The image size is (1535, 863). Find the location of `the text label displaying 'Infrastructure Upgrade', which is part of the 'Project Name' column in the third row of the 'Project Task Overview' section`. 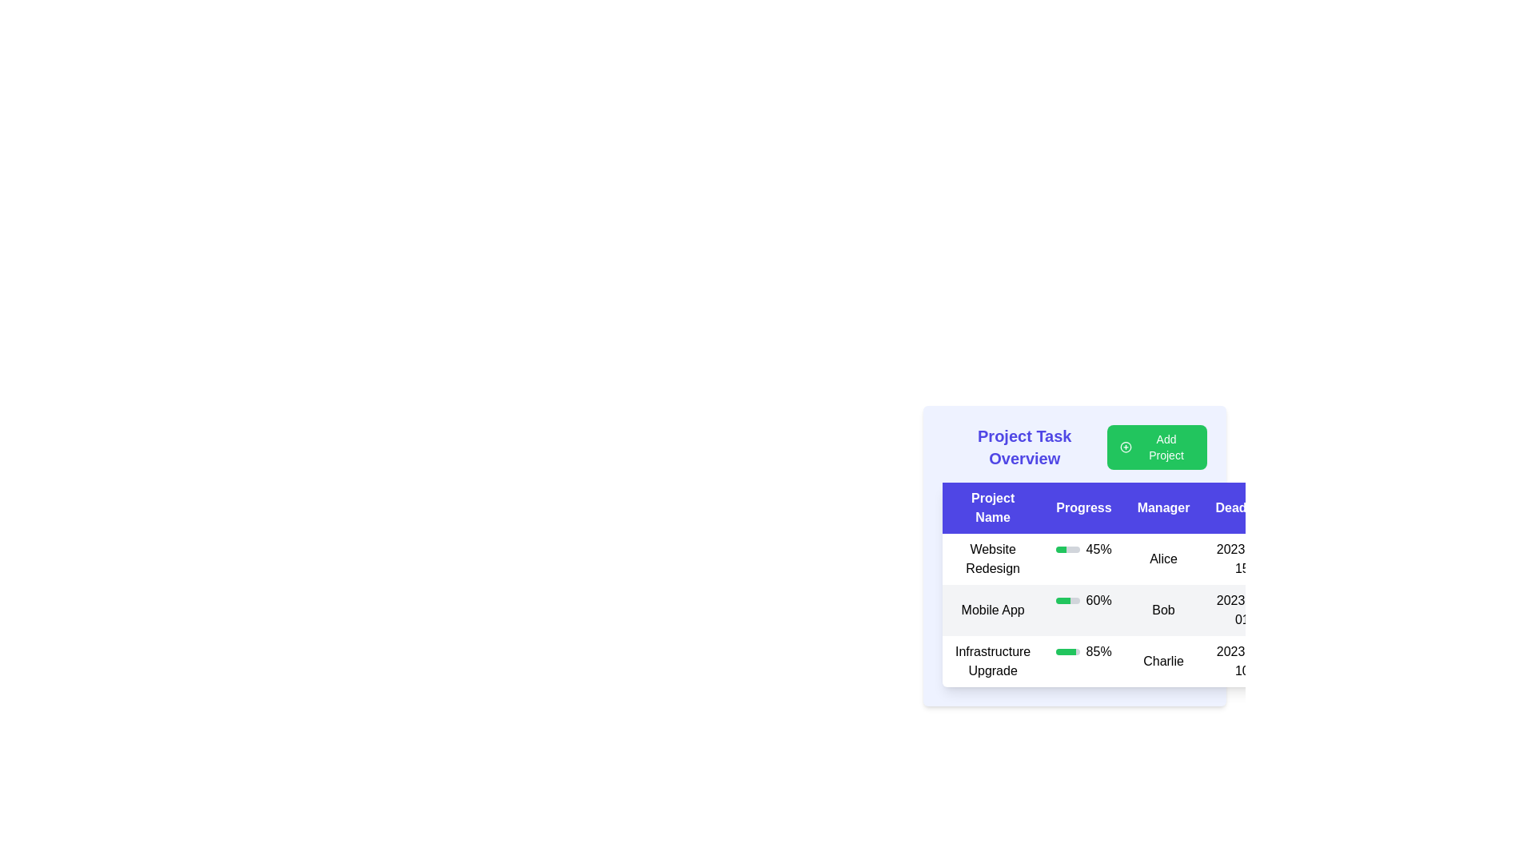

the text label displaying 'Infrastructure Upgrade', which is part of the 'Project Name' column in the third row of the 'Project Task Overview' section is located at coordinates (992, 662).